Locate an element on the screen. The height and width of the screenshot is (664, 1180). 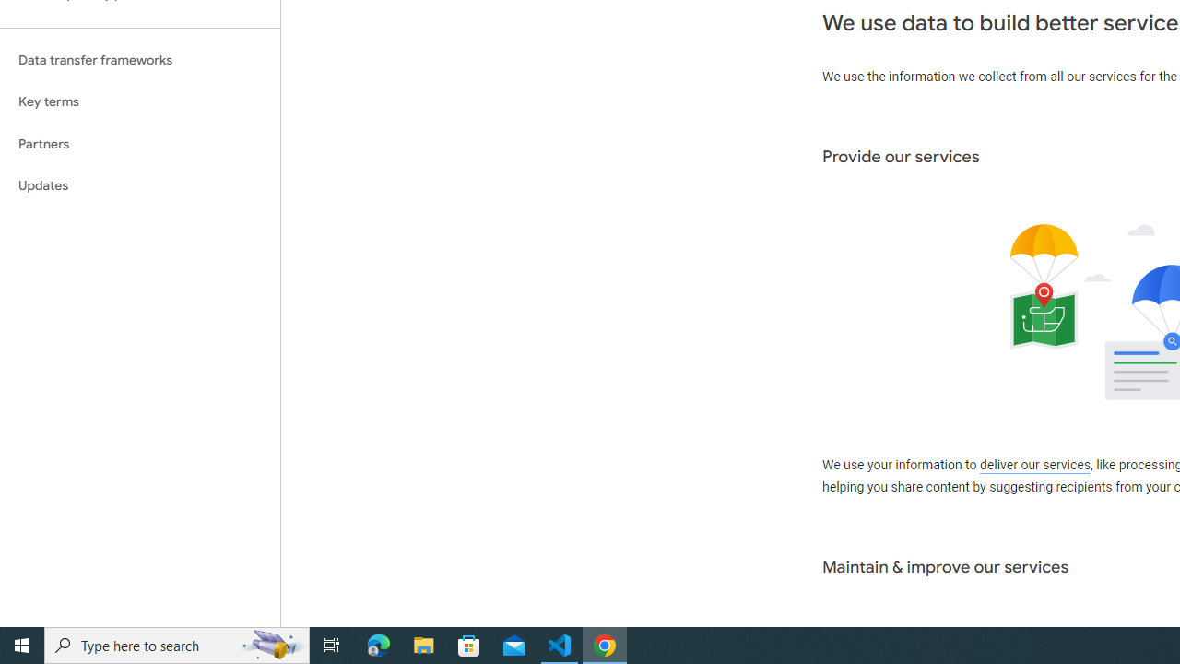
'Partners' is located at coordinates (139, 143).